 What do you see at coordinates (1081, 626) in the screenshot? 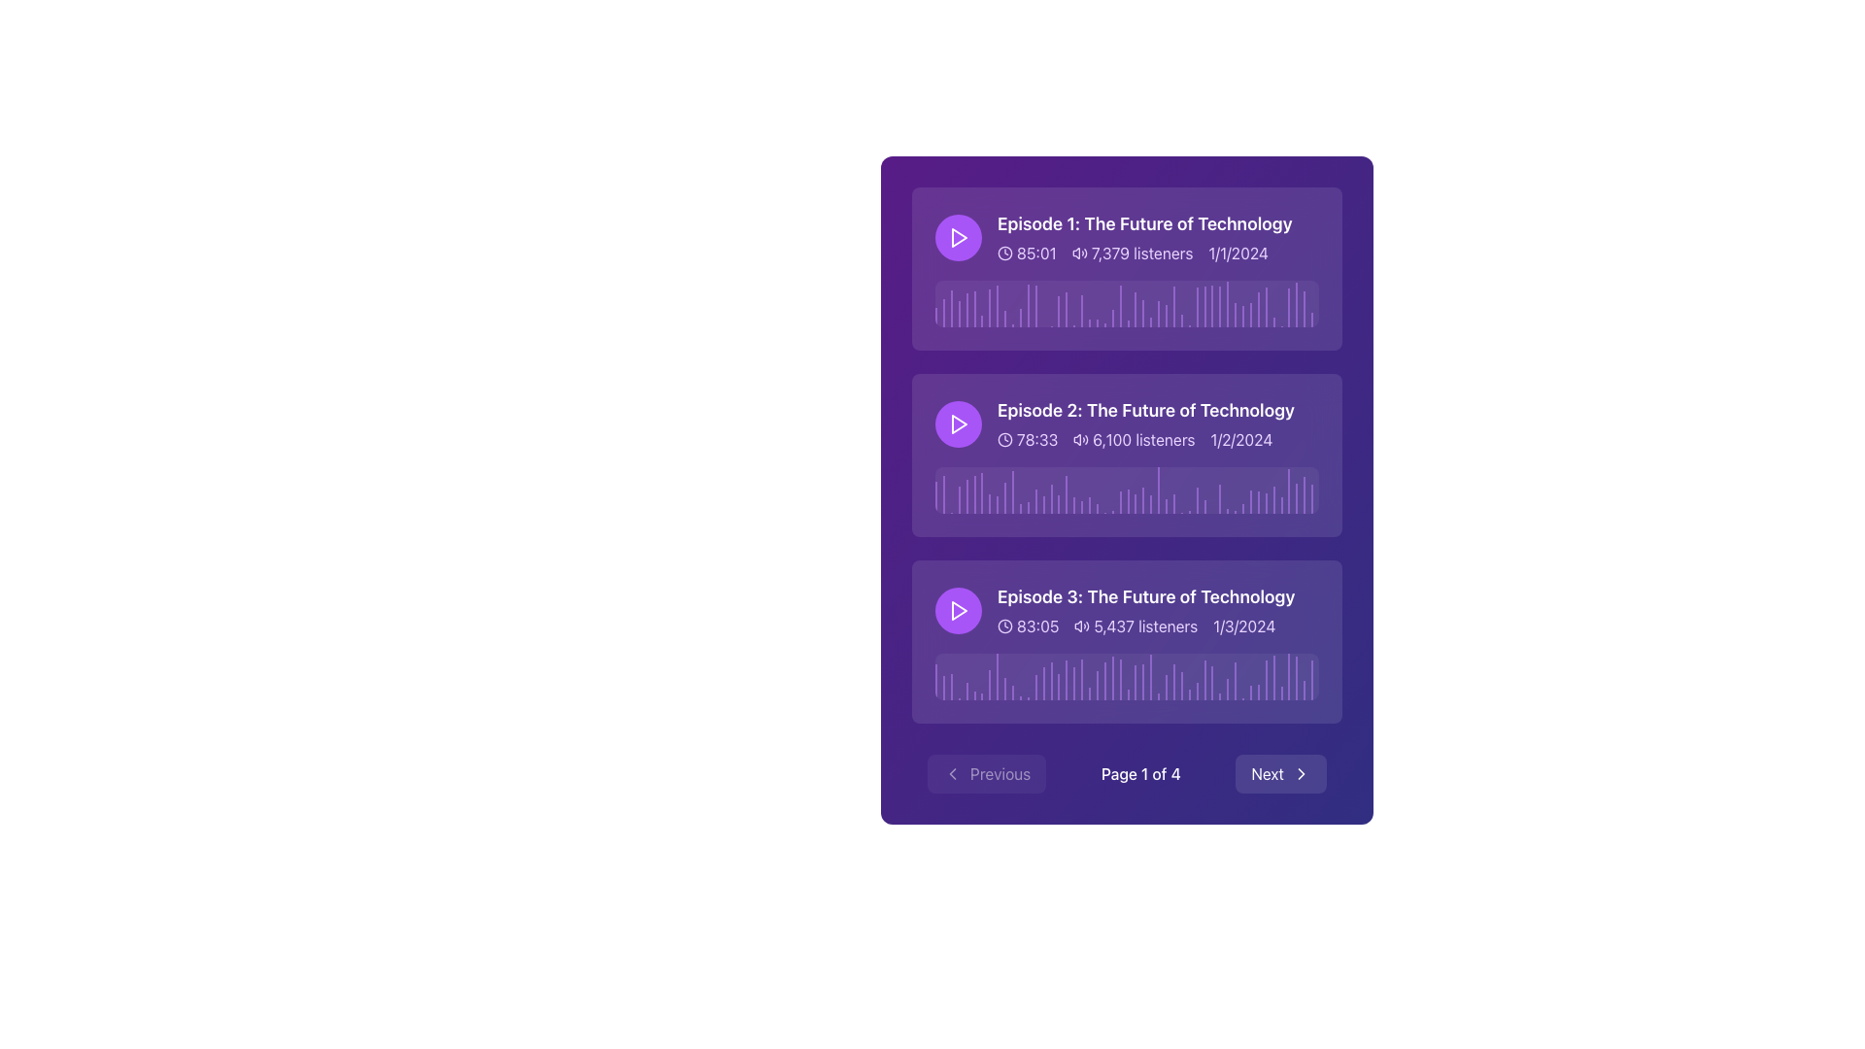
I see `the volume icon located immediately to the left of the text '5,437 listeners' in the third content block under the title 'Episode 3: The Future of Technology'` at bounding box center [1081, 626].